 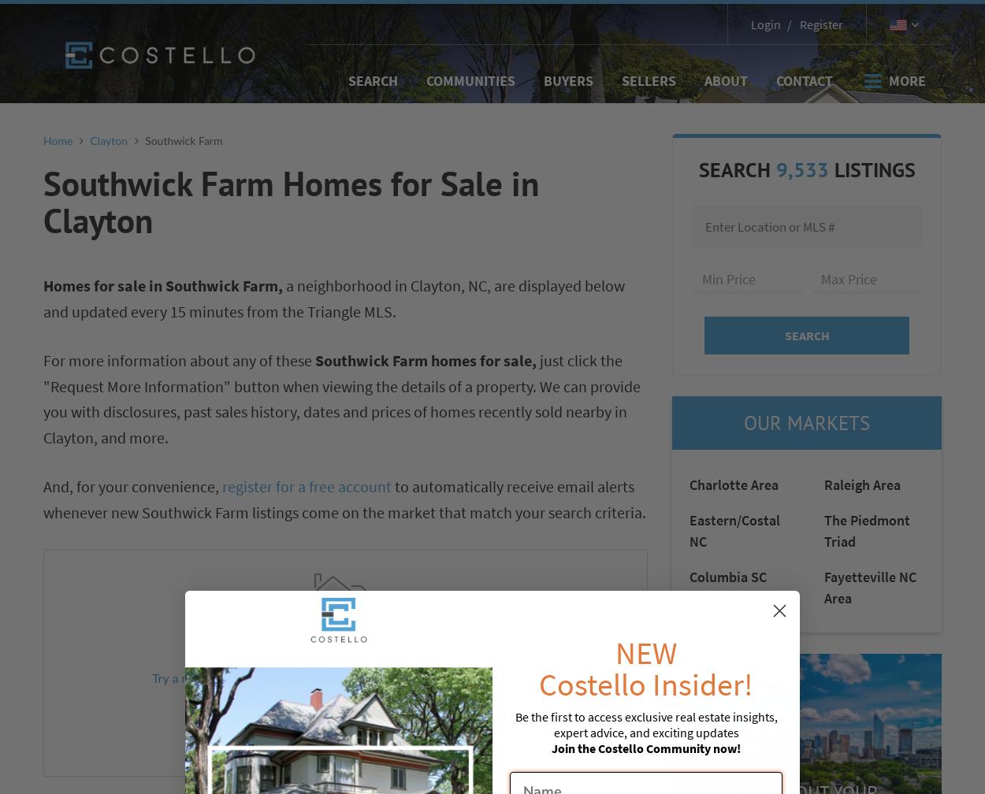 I want to click on 'Southwick Farm Homes for Sale in Clayton', so click(x=290, y=202).